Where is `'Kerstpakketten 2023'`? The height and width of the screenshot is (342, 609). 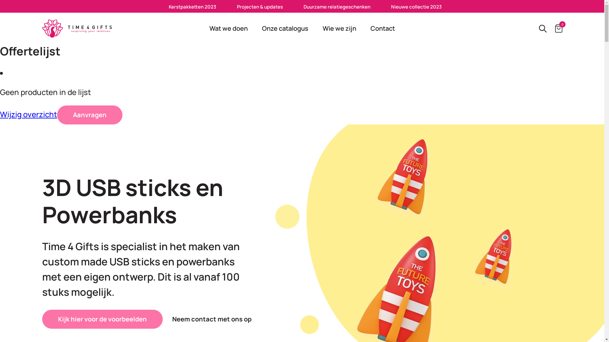 'Kerstpakketten 2023' is located at coordinates (192, 7).